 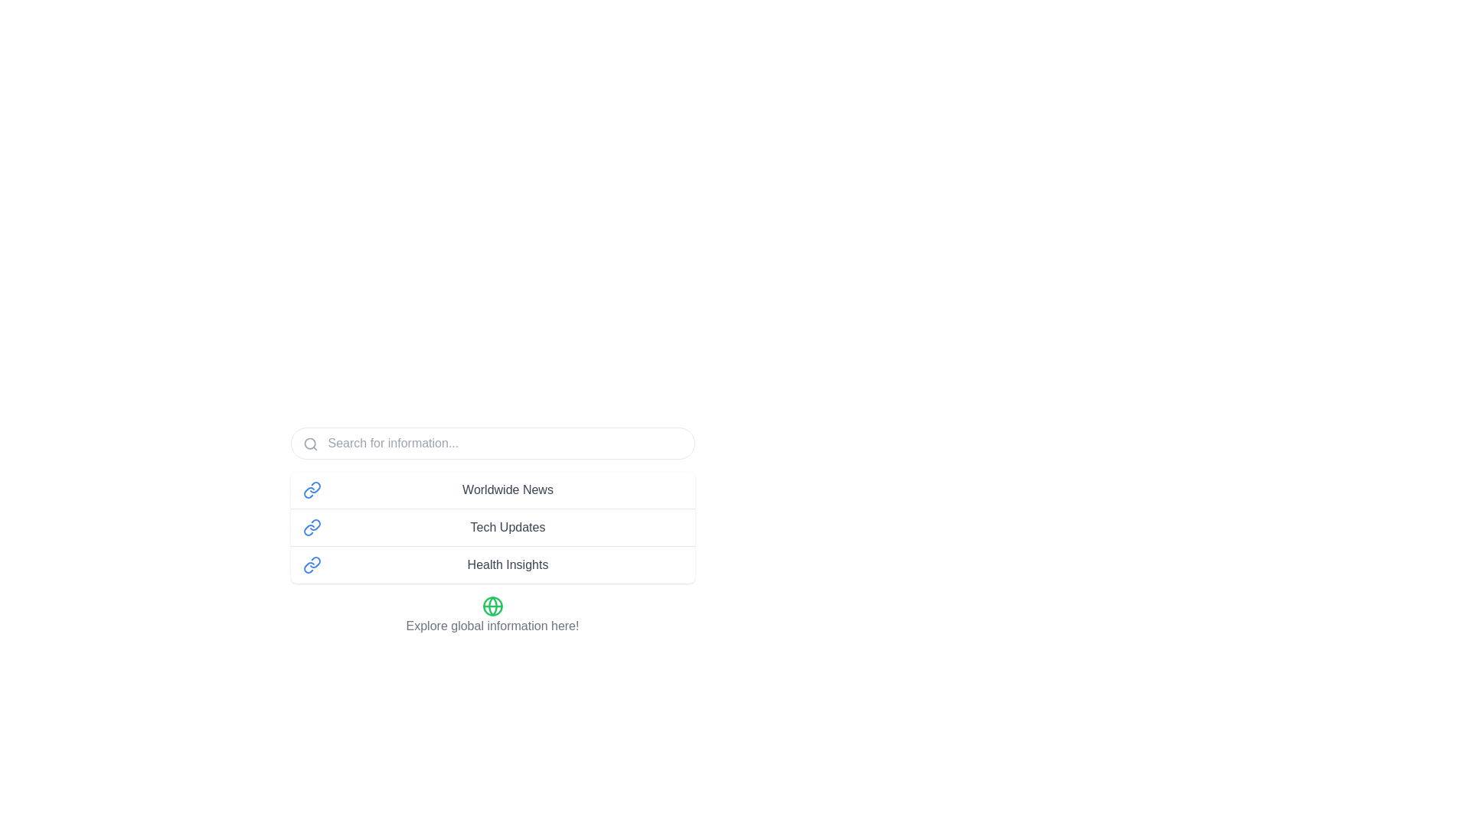 I want to click on the chain link icon representing navigation to follow the link for 'Health Insights', so click(x=308, y=567).